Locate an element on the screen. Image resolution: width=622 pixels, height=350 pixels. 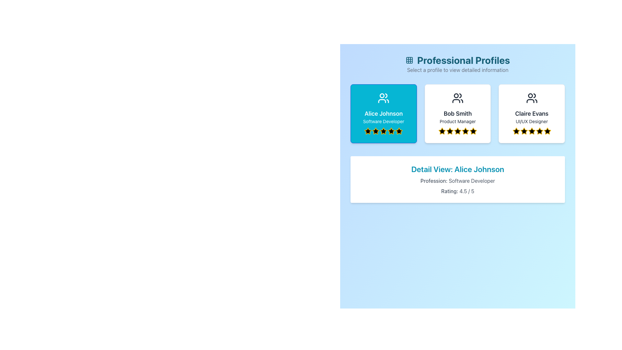
the first yellow star icon in the rating system below the 'Claire Evans' UI/UX Designer profile card is located at coordinates (516, 131).